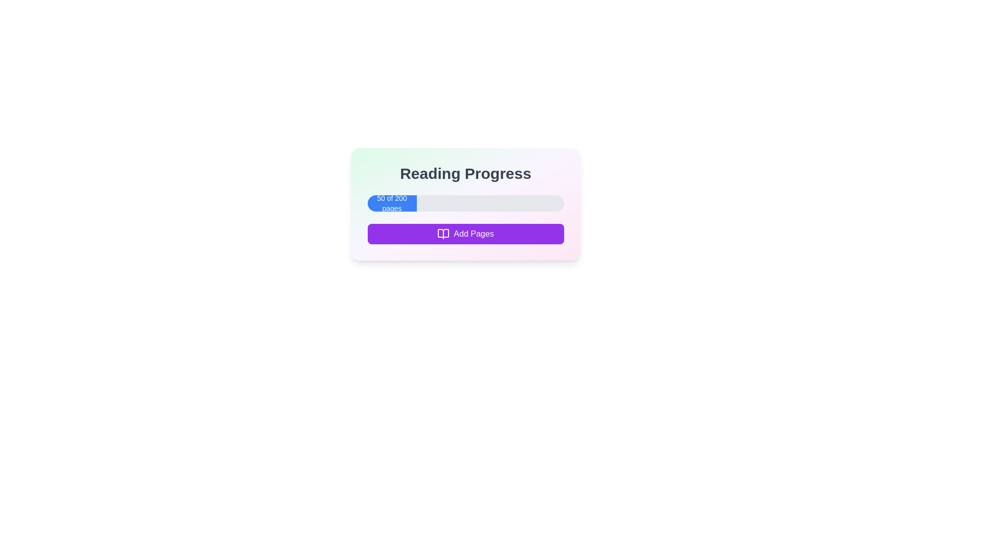 This screenshot has height=552, width=982. What do you see at coordinates (443, 234) in the screenshot?
I see `the 'Add Pages' icon located on the left side of the button, which visually represents the action associated with adding pages` at bounding box center [443, 234].